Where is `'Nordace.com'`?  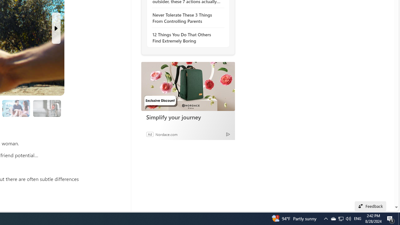 'Nordace.com' is located at coordinates (166, 134).